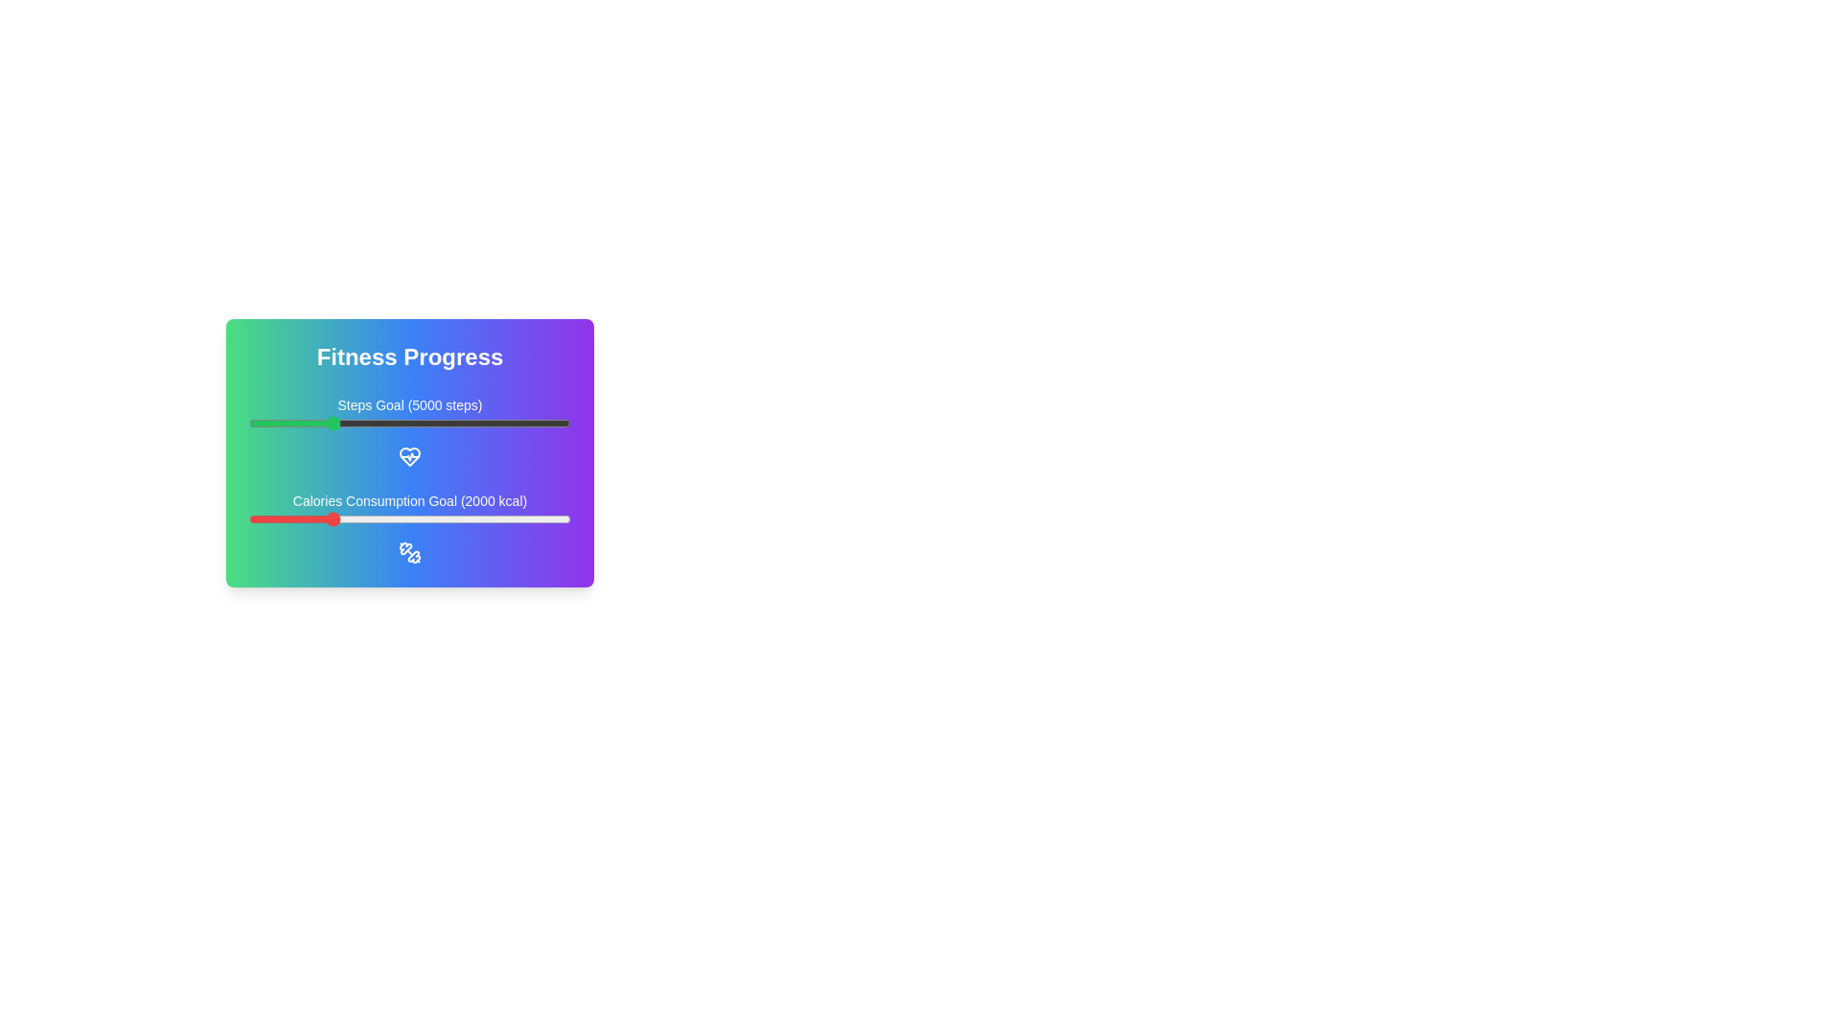 This screenshot has height=1035, width=1840. Describe the element at coordinates (560, 519) in the screenshot. I see `the calories goal` at that location.